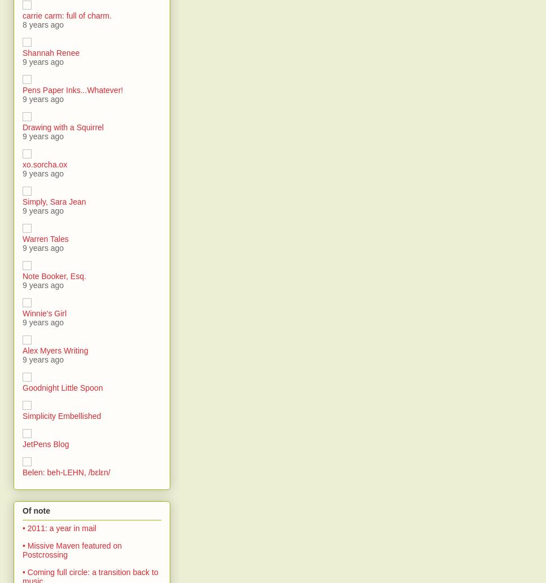 This screenshot has width=546, height=583. Describe the element at coordinates (43, 313) in the screenshot. I see `'Winnie's Girl'` at that location.